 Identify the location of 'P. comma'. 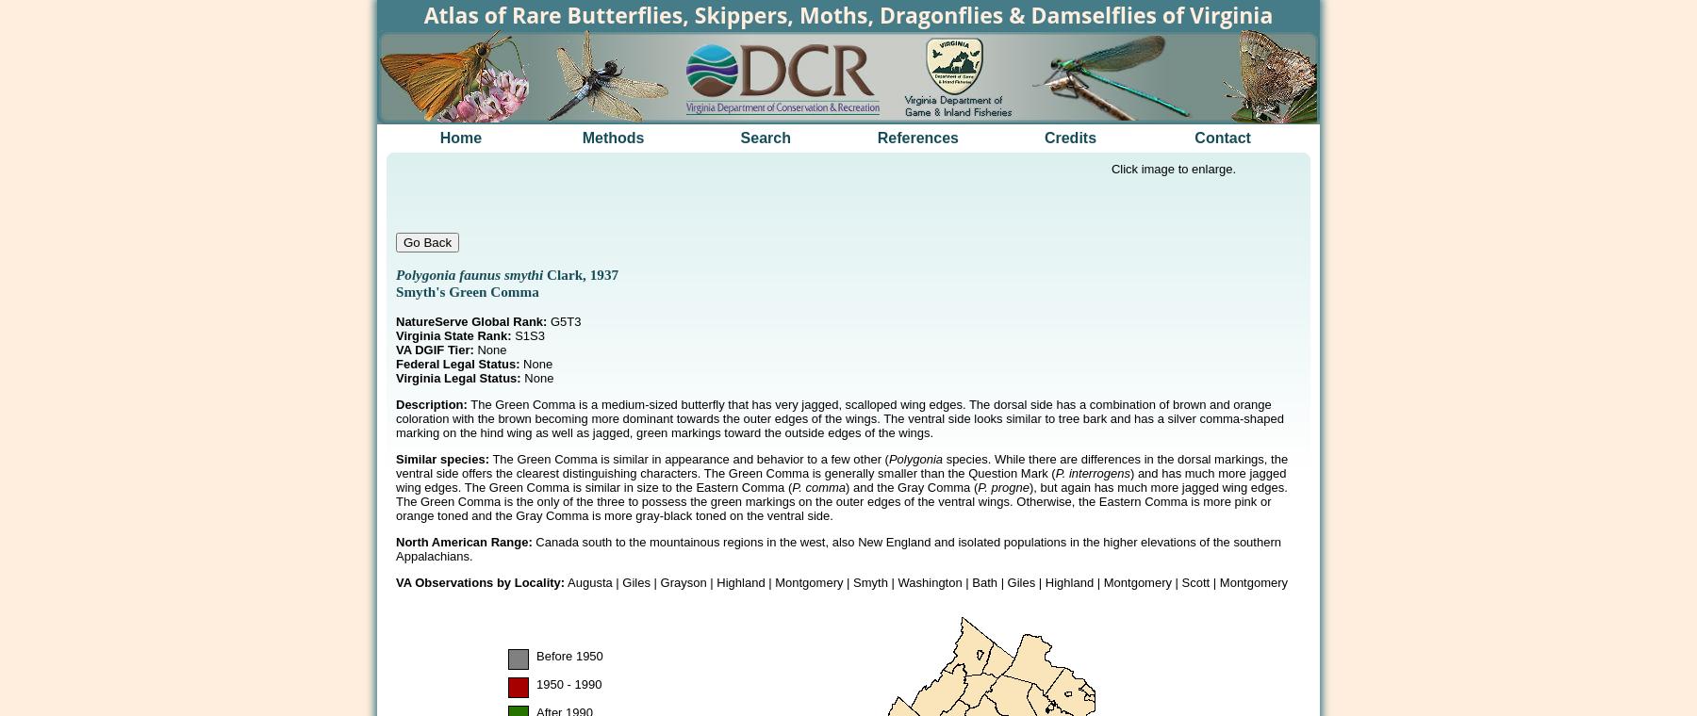
(818, 487).